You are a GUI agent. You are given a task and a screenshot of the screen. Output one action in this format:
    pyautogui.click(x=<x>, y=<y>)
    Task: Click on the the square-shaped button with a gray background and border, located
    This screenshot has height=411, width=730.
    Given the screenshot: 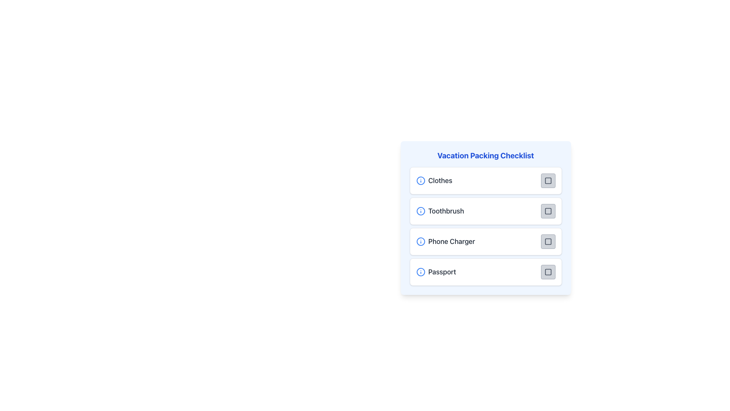 What is the action you would take?
    pyautogui.click(x=548, y=211)
    